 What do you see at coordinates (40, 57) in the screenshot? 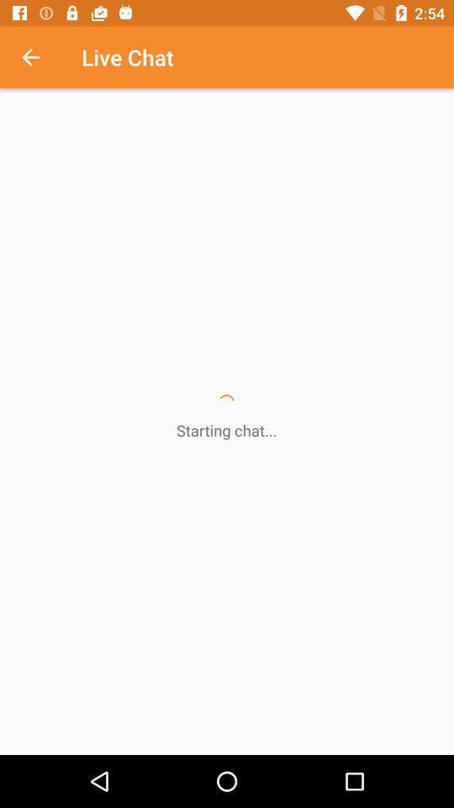
I see `the icon to the left of the live chat` at bounding box center [40, 57].